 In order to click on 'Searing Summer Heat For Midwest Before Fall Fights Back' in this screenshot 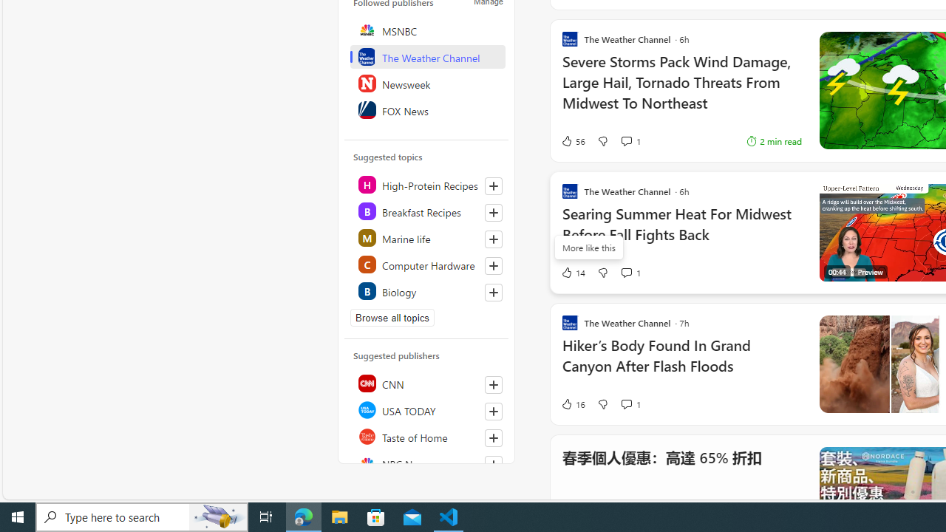, I will do `click(681, 231)`.